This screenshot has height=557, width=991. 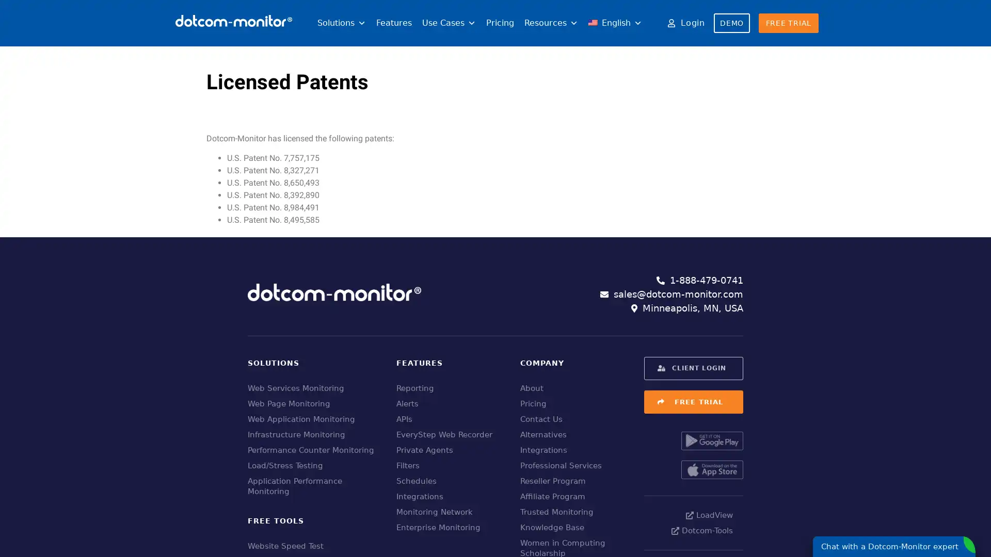 I want to click on CLIENT LOGIN, so click(x=694, y=367).